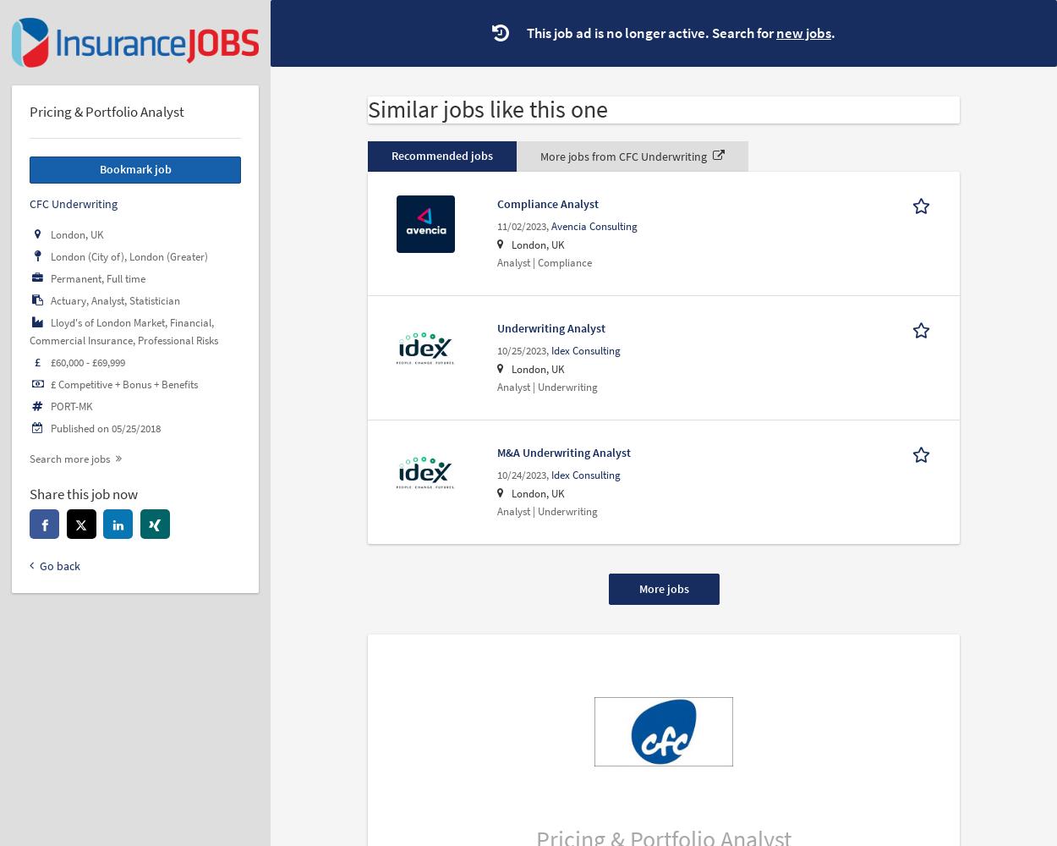  I want to click on 'Share this job now', so click(83, 493).